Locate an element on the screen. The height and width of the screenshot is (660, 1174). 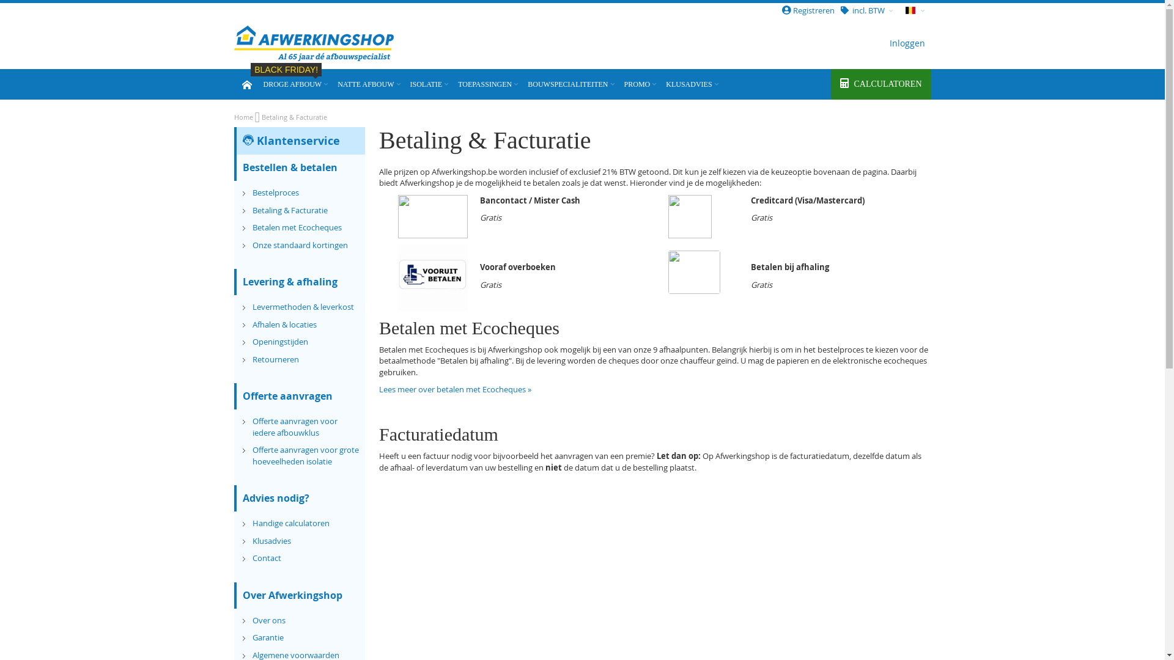
'Klusadvies' is located at coordinates (270, 540).